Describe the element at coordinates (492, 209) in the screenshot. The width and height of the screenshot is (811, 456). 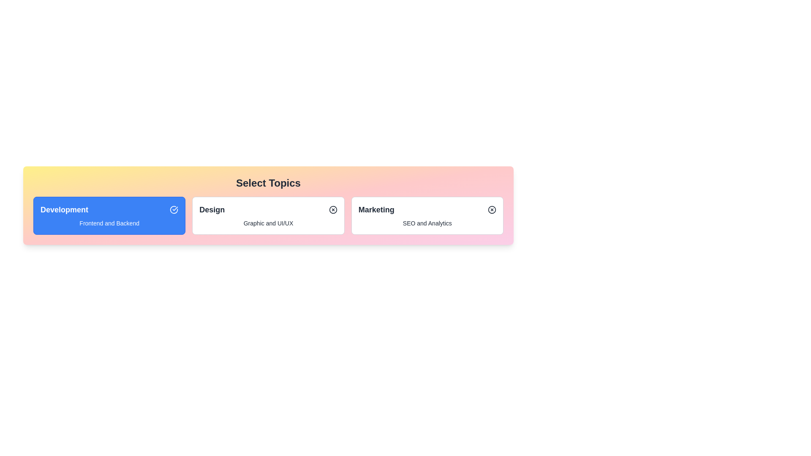
I see `the icon within the chip labeled 'Marketing' to toggle its state` at that location.